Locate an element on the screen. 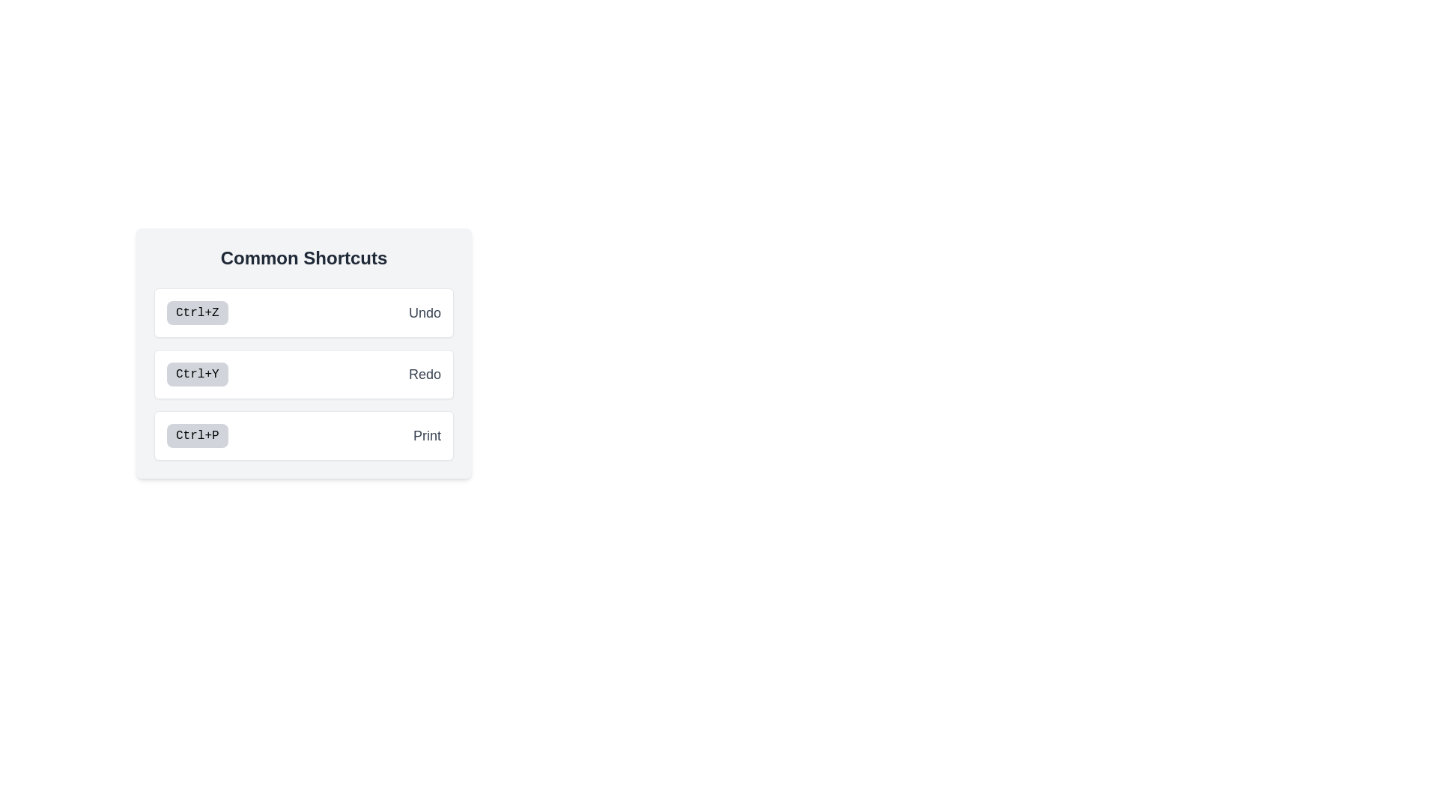 Image resolution: width=1438 pixels, height=809 pixels. the Text Label representing the keyboard shortcut 'Ctrl+P' located to the left of the word 'Print' in the 'Common Shortcuts' list is located at coordinates (196, 436).